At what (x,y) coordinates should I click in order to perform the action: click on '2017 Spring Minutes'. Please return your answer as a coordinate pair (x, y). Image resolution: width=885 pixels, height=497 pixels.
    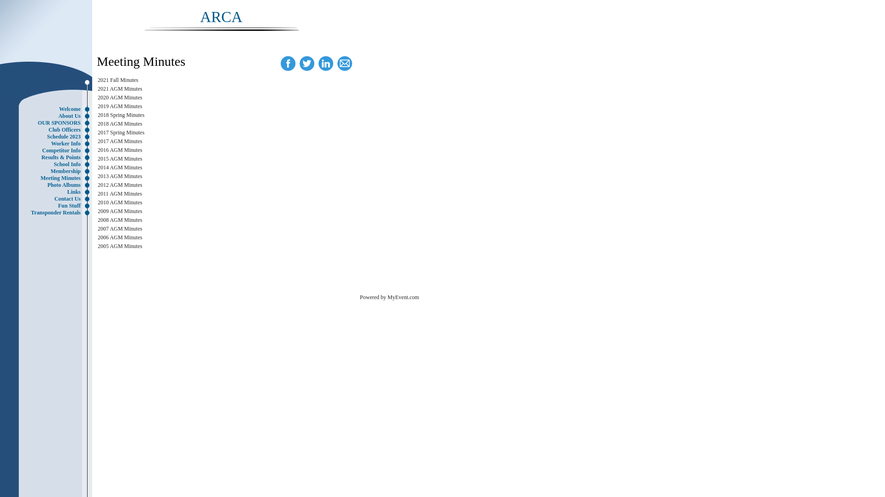
    Looking at the image, I should click on (120, 133).